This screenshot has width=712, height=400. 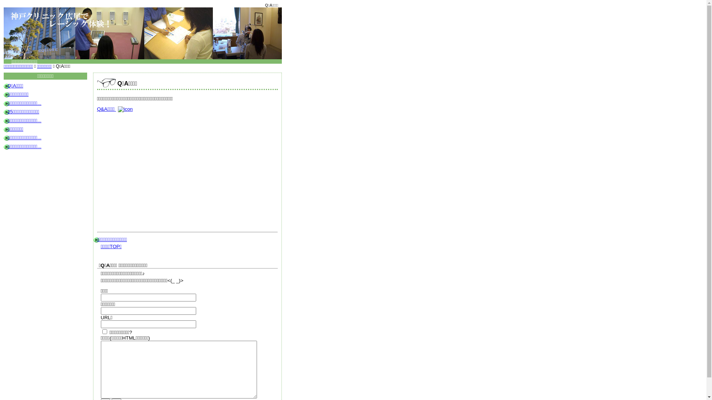 I want to click on '1', so click(x=104, y=331).